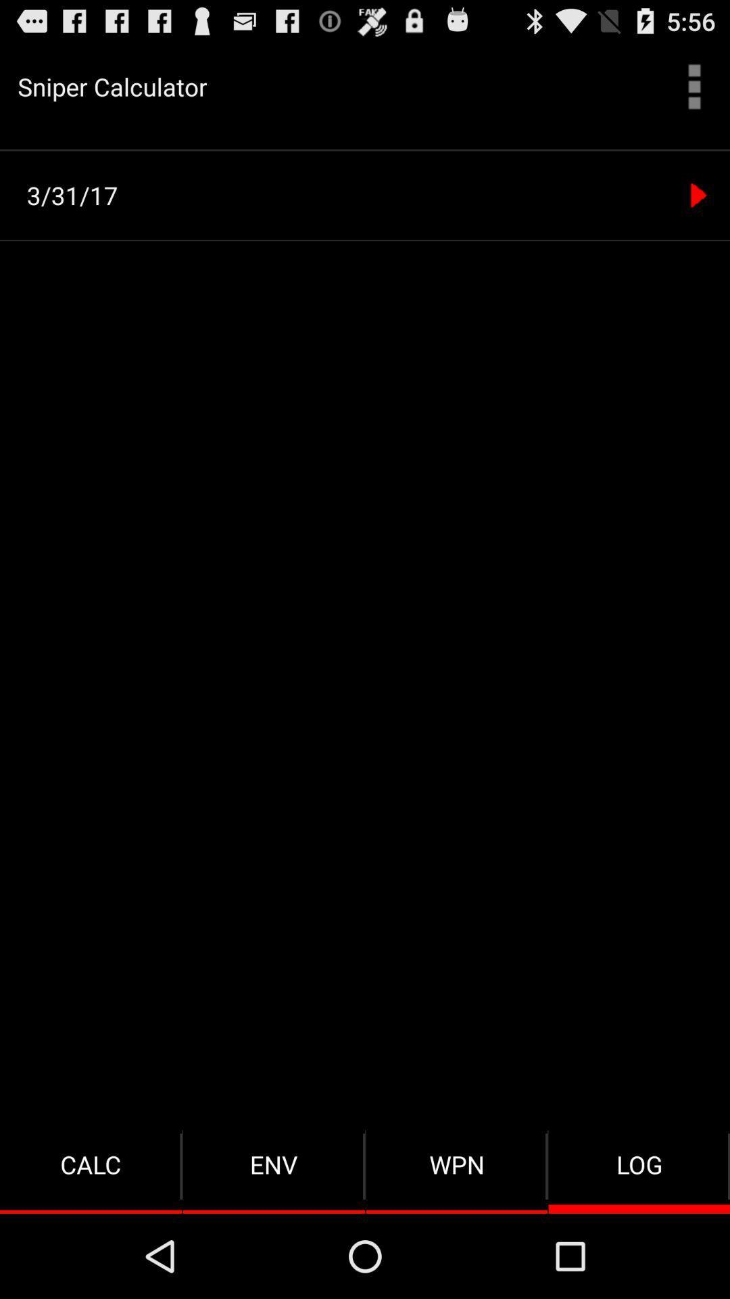  I want to click on the item above 3/31/17, so click(365, 150).